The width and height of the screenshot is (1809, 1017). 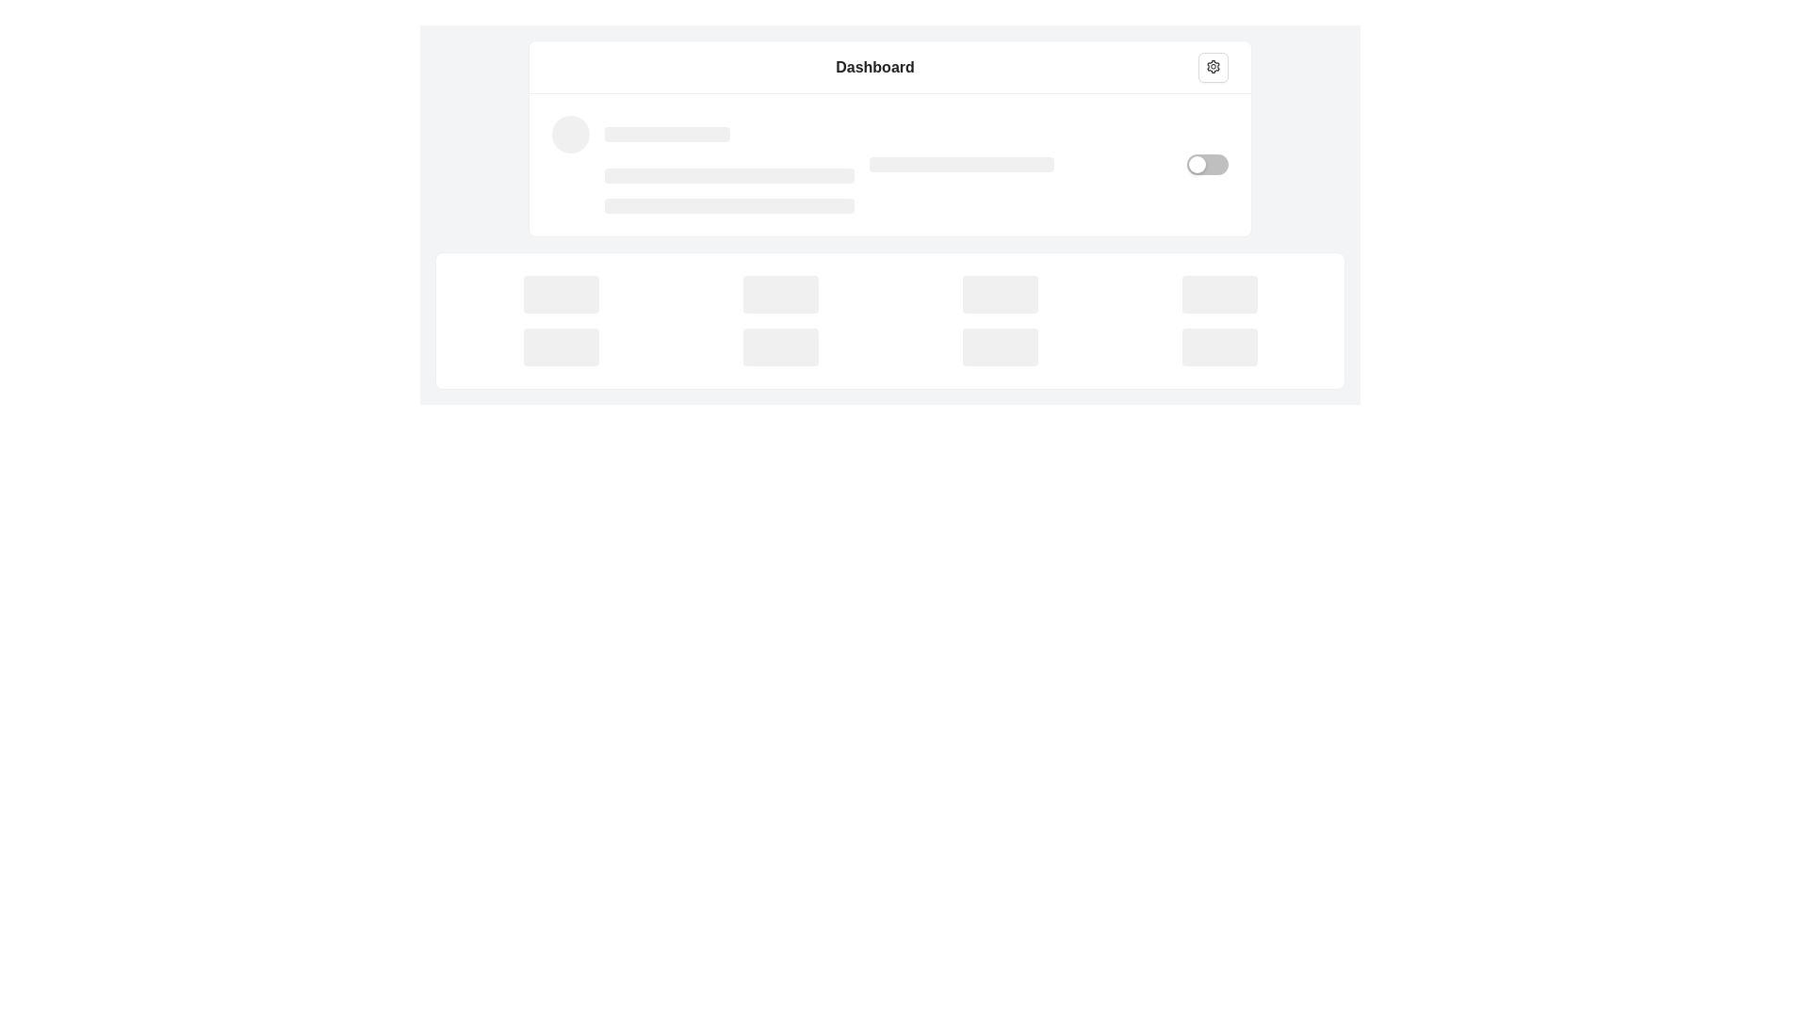 What do you see at coordinates (1213, 66) in the screenshot?
I see `the settings gear icon located in the top-right corner of the interface, near the title 'Dashboard'` at bounding box center [1213, 66].